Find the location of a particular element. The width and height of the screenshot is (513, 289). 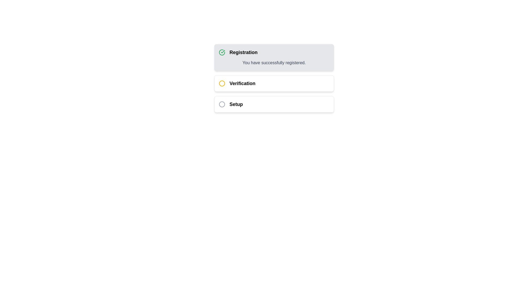

the green circular icon with a checkmark, located to the left of the 'Registration' text, indicating successful completion is located at coordinates (222, 52).